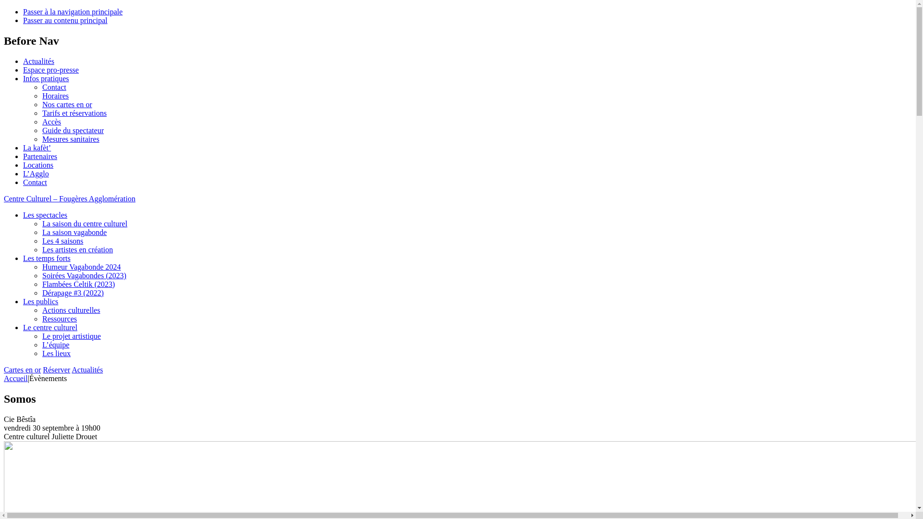  Describe the element at coordinates (55, 96) in the screenshot. I see `'Horaires'` at that location.